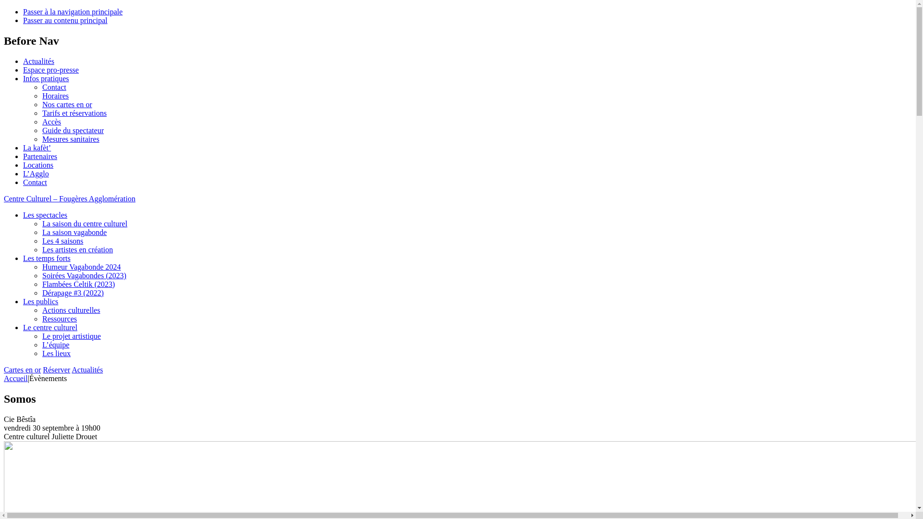  Describe the element at coordinates (55, 96) in the screenshot. I see `'Horaires'` at that location.